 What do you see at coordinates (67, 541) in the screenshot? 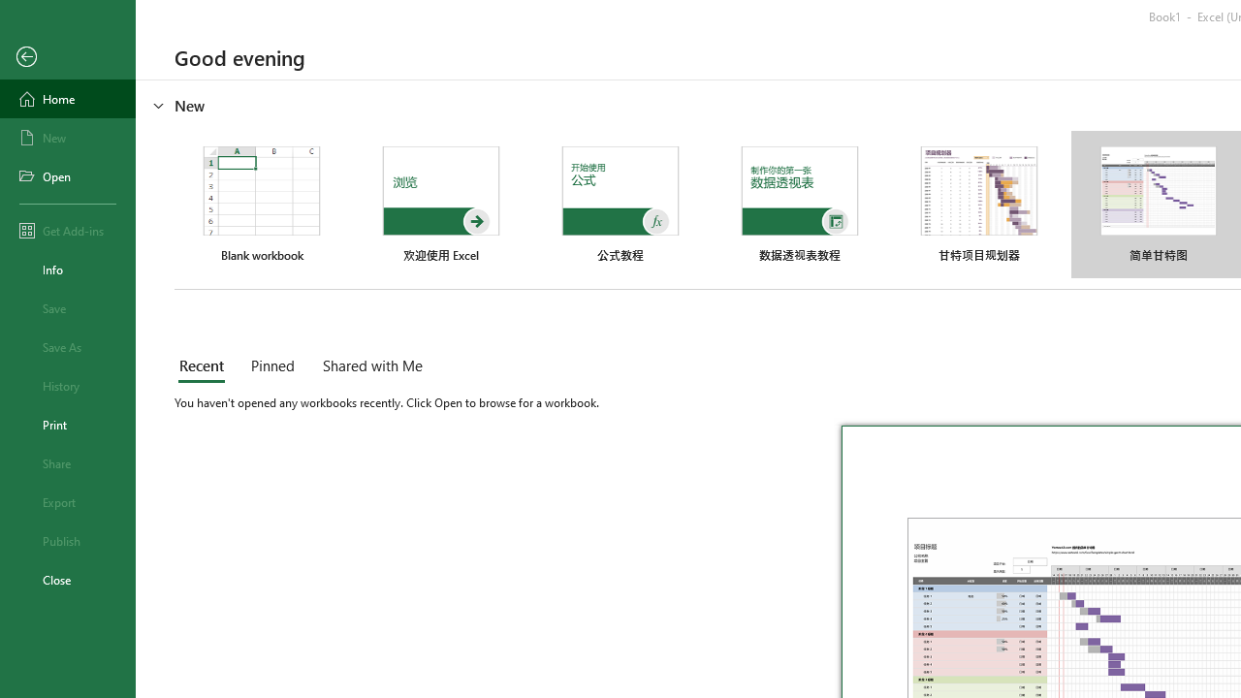
I see `'Publish'` at bounding box center [67, 541].